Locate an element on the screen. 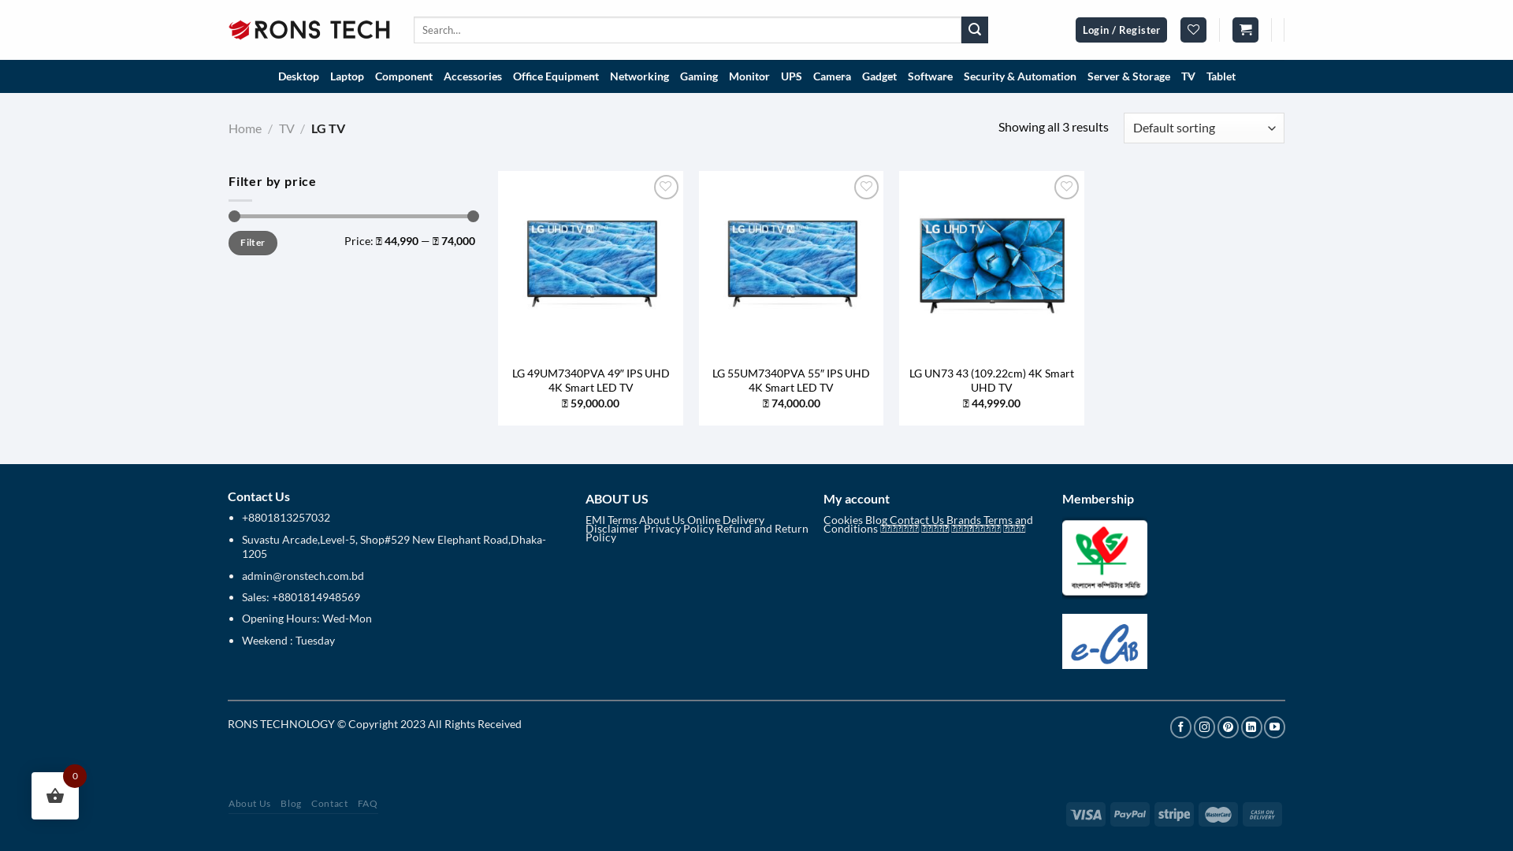 This screenshot has height=851, width=1513. 'Refund and Return Policy' is located at coordinates (695, 532).